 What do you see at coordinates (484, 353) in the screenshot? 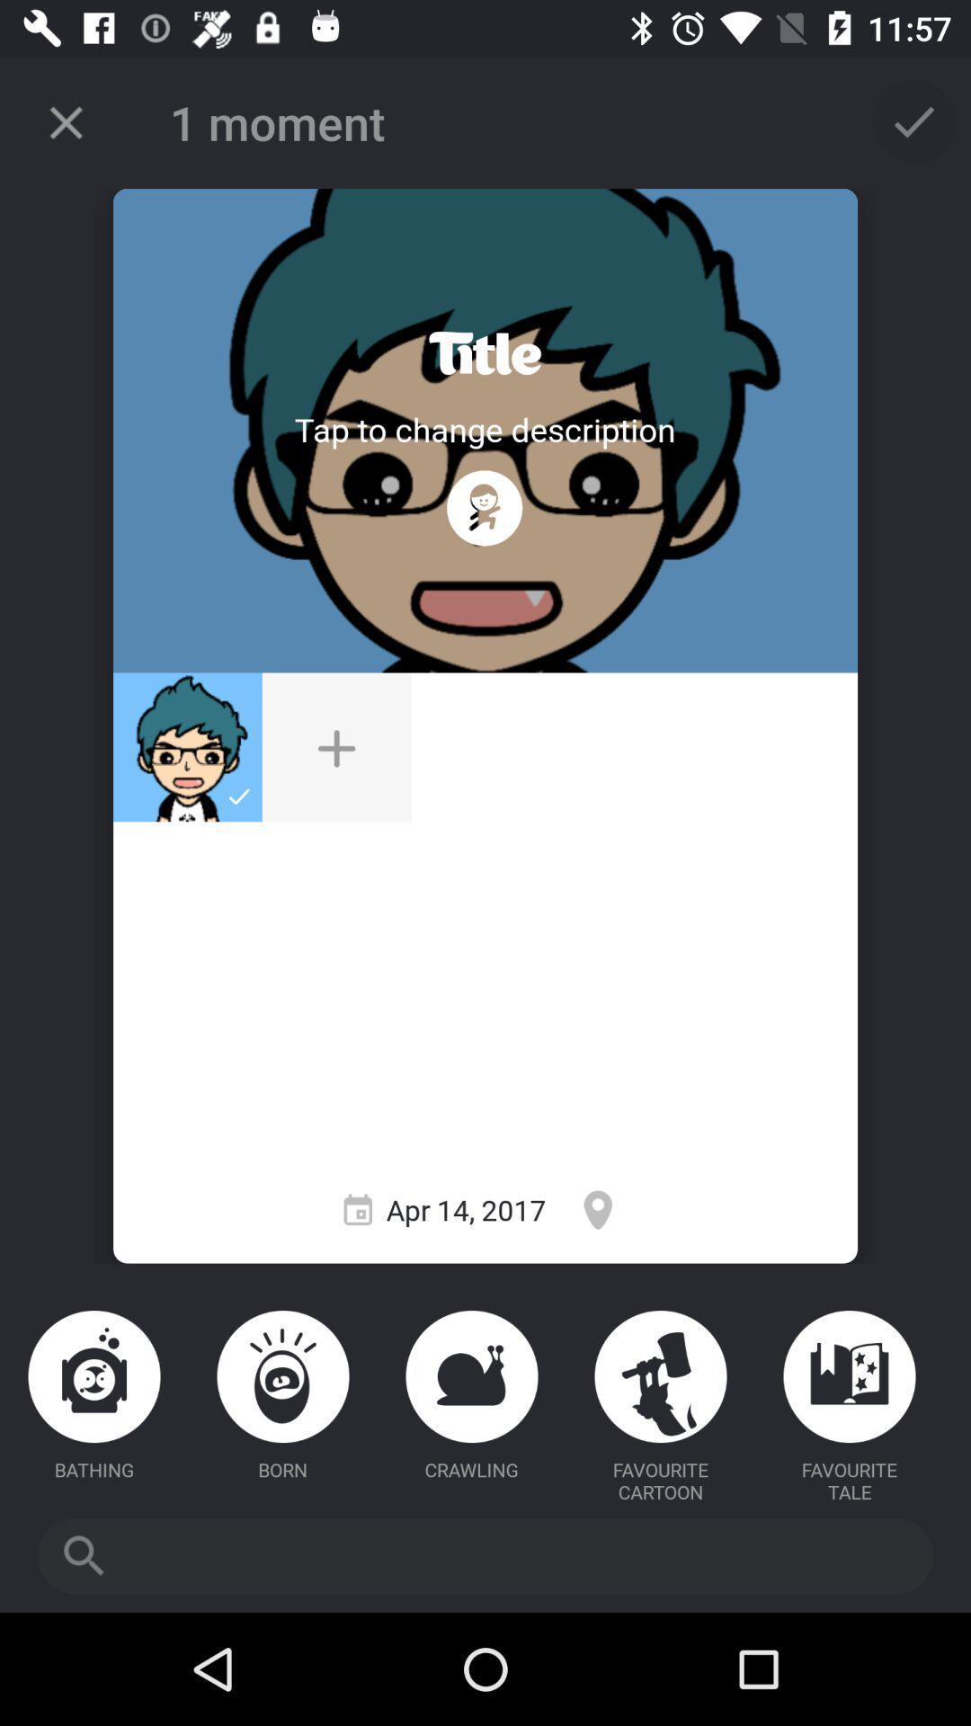
I see `toggle` at bounding box center [484, 353].